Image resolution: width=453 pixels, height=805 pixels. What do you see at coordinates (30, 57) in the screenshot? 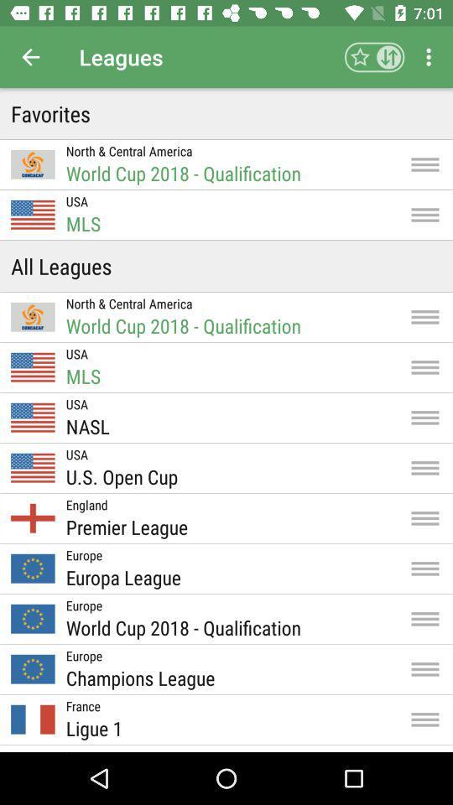
I see `the item to the left of the leagues icon` at bounding box center [30, 57].